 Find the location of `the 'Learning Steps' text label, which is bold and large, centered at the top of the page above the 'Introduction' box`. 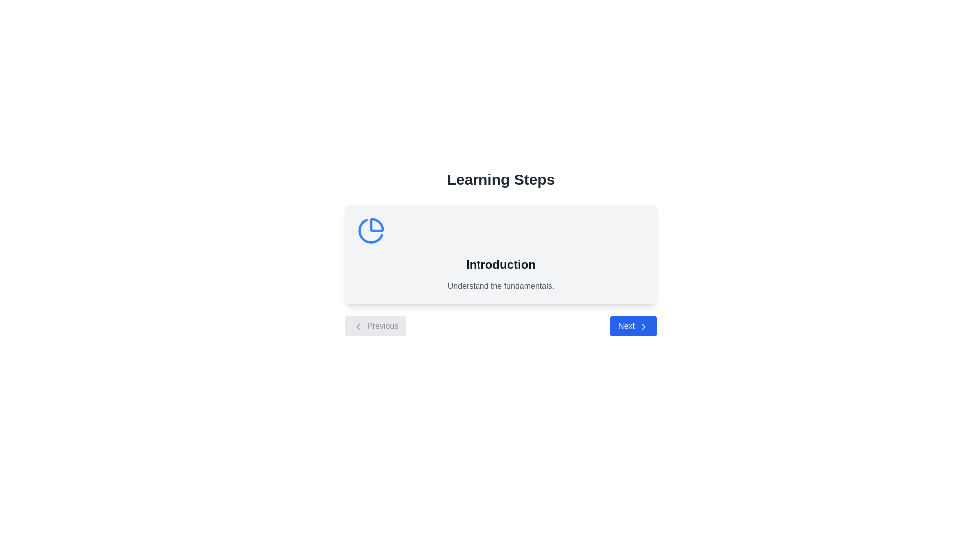

the 'Learning Steps' text label, which is bold and large, centered at the top of the page above the 'Introduction' box is located at coordinates (501, 179).